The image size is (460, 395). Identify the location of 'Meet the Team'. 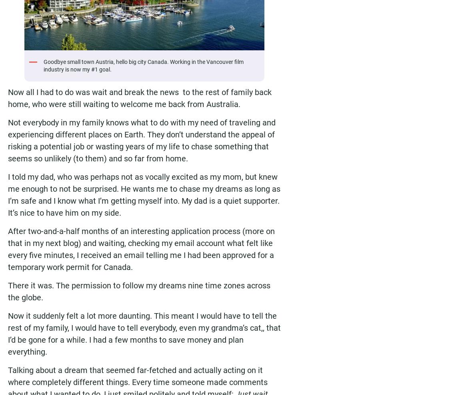
(403, 70).